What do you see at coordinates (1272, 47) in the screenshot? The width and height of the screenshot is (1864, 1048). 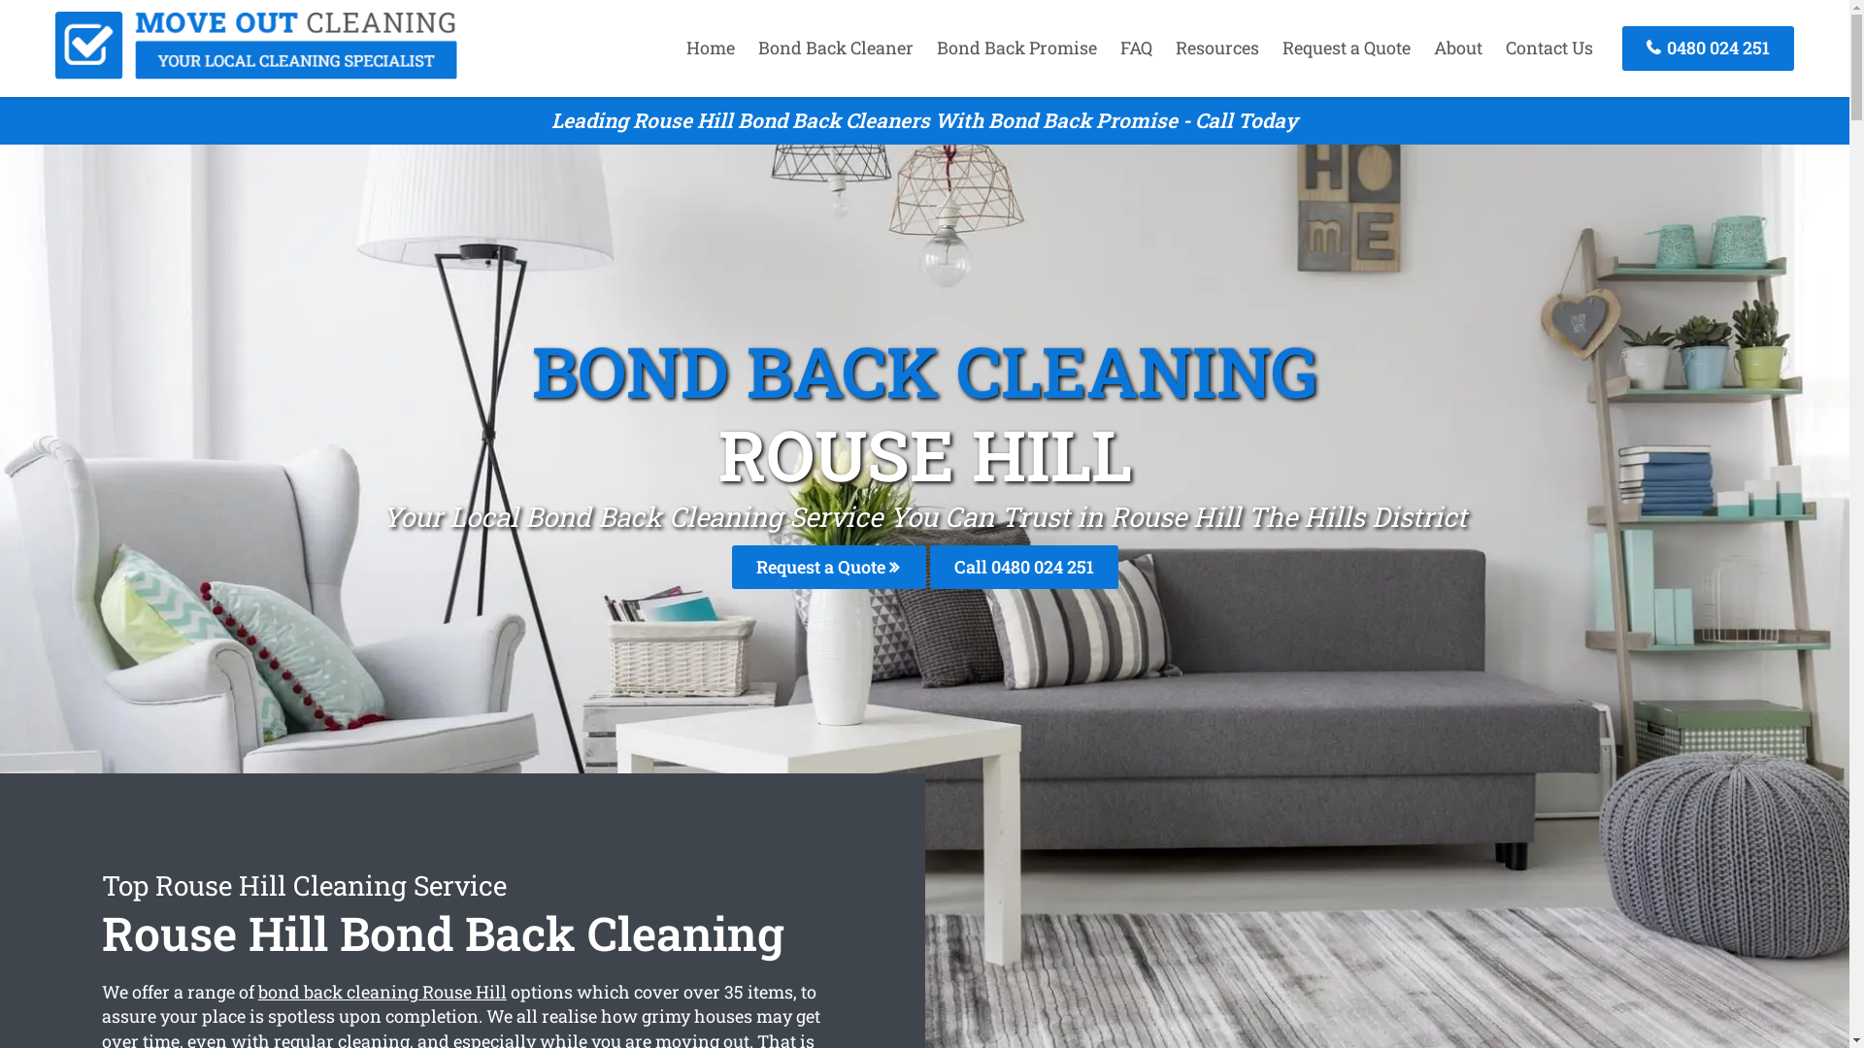 I see `'Request a Quote'` at bounding box center [1272, 47].